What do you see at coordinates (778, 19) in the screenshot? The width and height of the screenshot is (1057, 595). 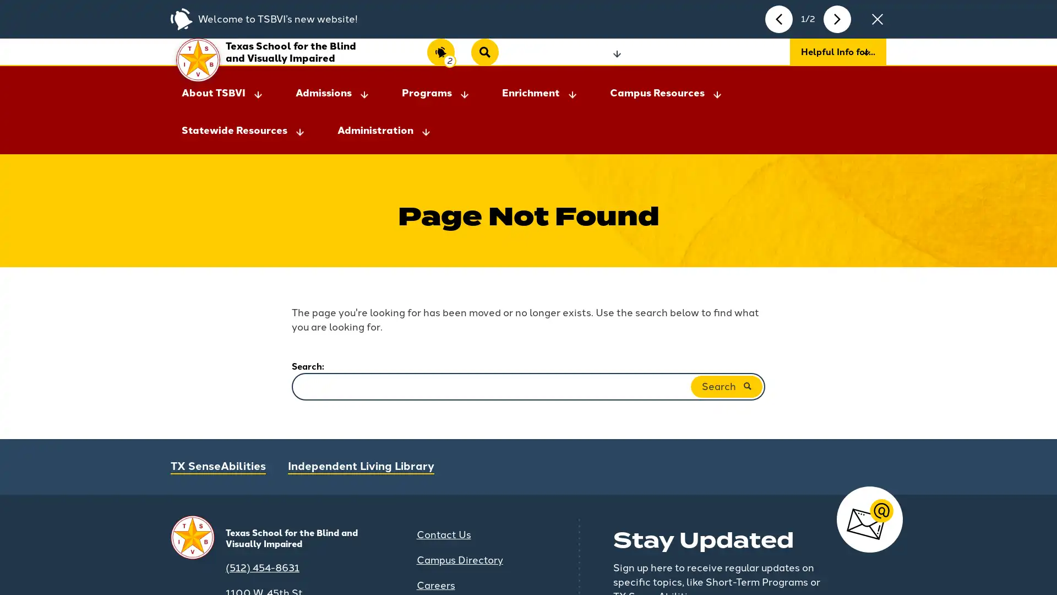 I see `Go to last slide` at bounding box center [778, 19].